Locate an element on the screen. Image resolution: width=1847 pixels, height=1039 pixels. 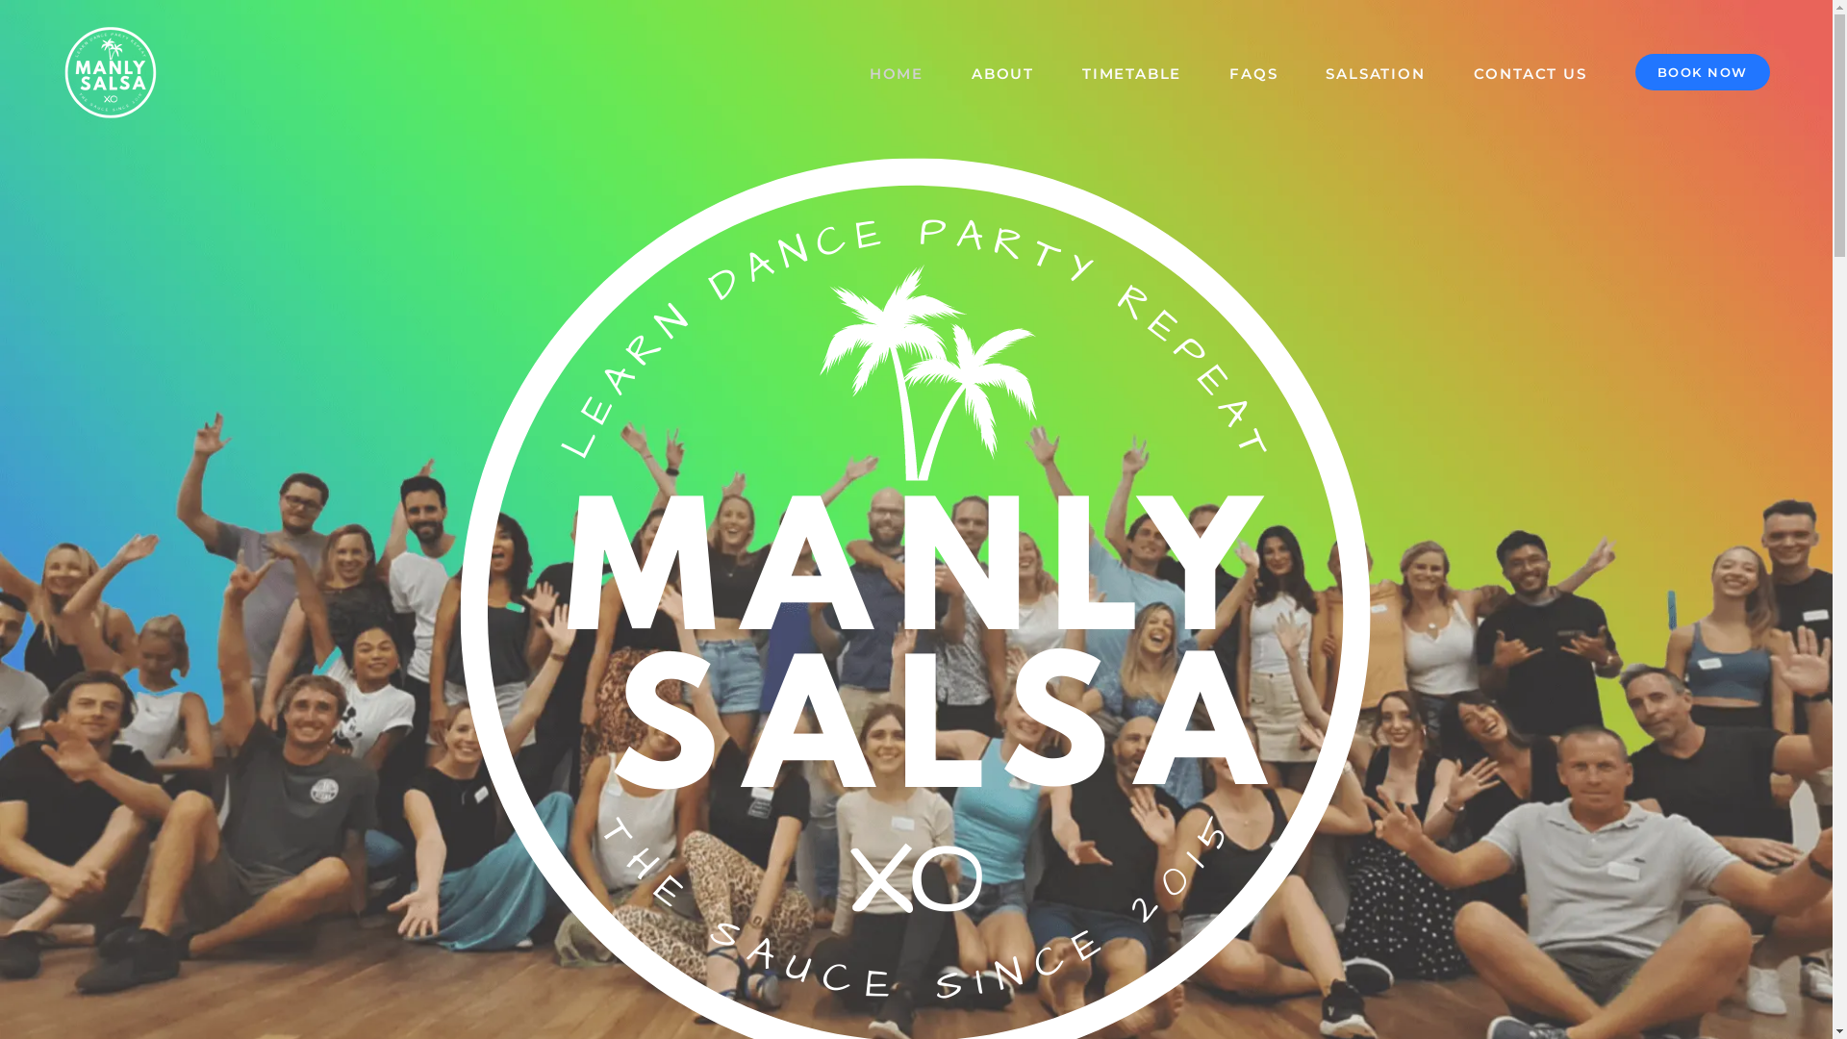
'HOME' is located at coordinates (895, 70).